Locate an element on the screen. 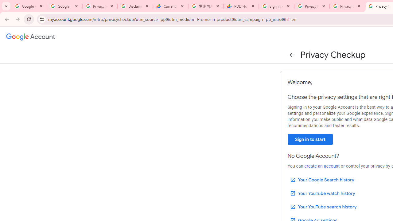  'Your YouTube search history' is located at coordinates (323, 207).